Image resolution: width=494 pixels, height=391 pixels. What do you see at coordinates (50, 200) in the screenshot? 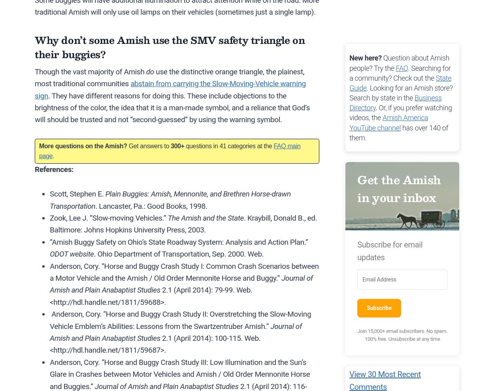
I see `'Plain Buggies: Amish, Mennonite, and Brethren Horse-drawn Transportation'` at bounding box center [50, 200].